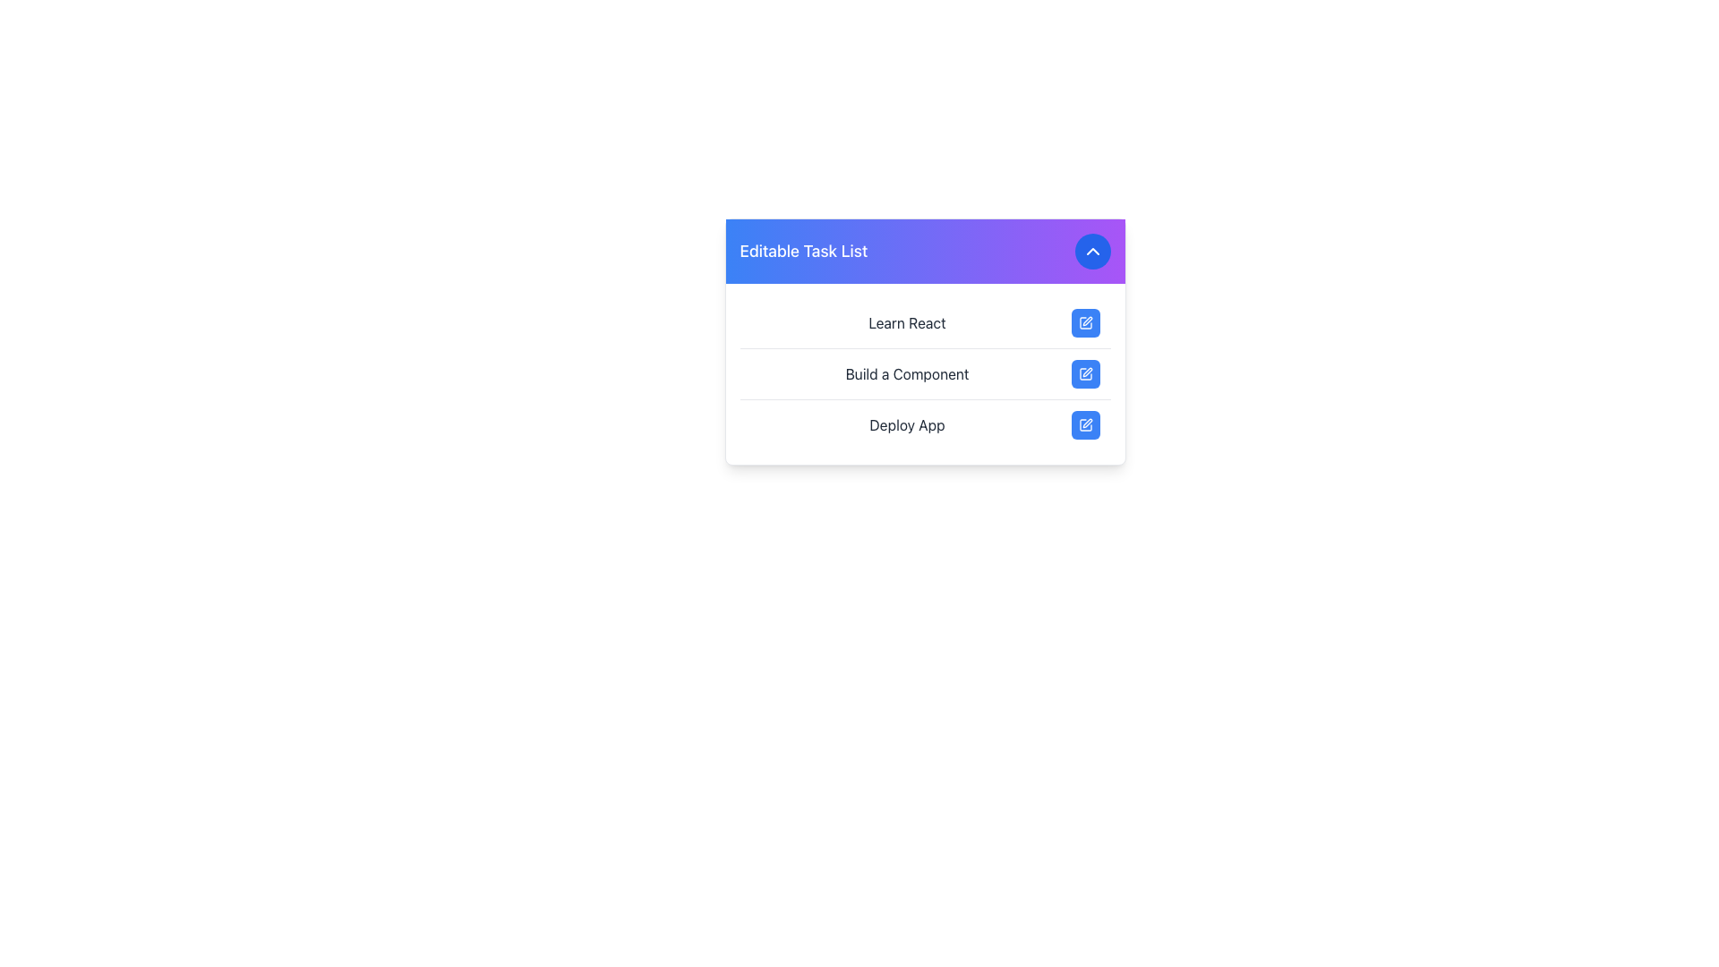 The image size is (1719, 967). Describe the element at coordinates (925, 424) in the screenshot. I see `the task list item labeled 'Deploy App'` at that location.